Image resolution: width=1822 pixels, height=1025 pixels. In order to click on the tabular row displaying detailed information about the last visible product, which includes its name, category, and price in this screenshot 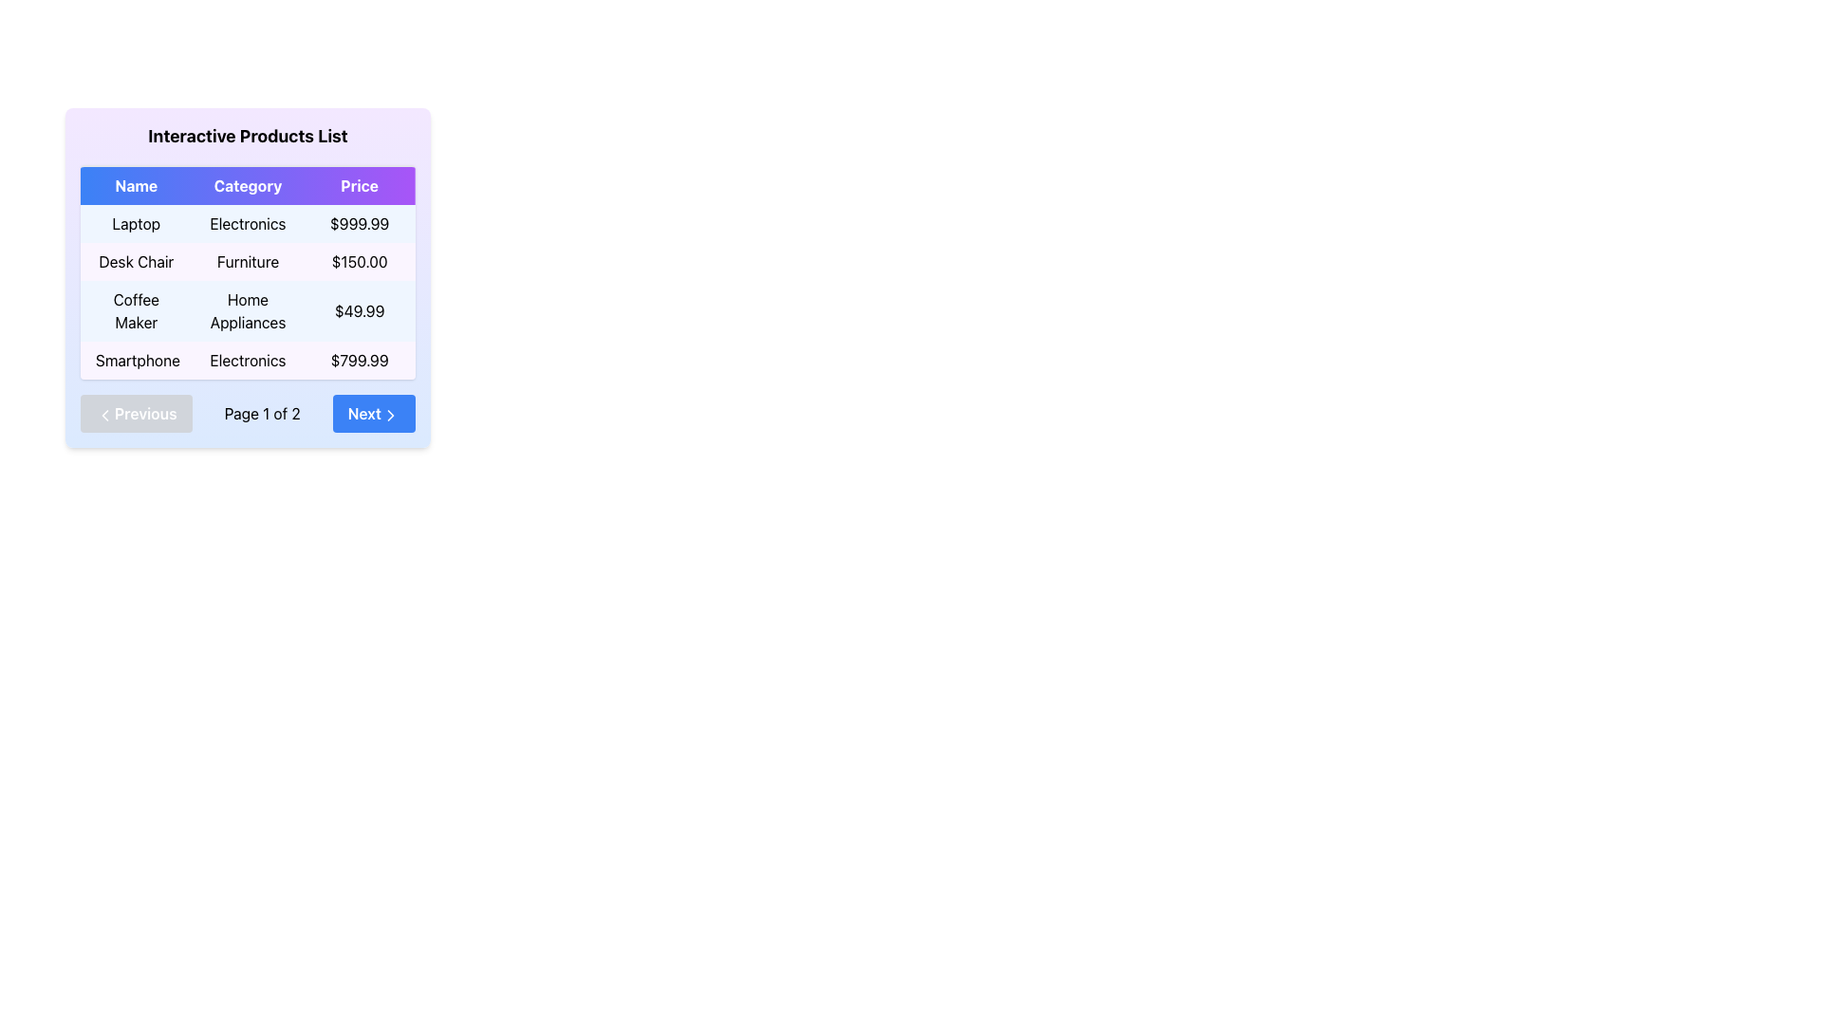, I will do `click(247, 361)`.